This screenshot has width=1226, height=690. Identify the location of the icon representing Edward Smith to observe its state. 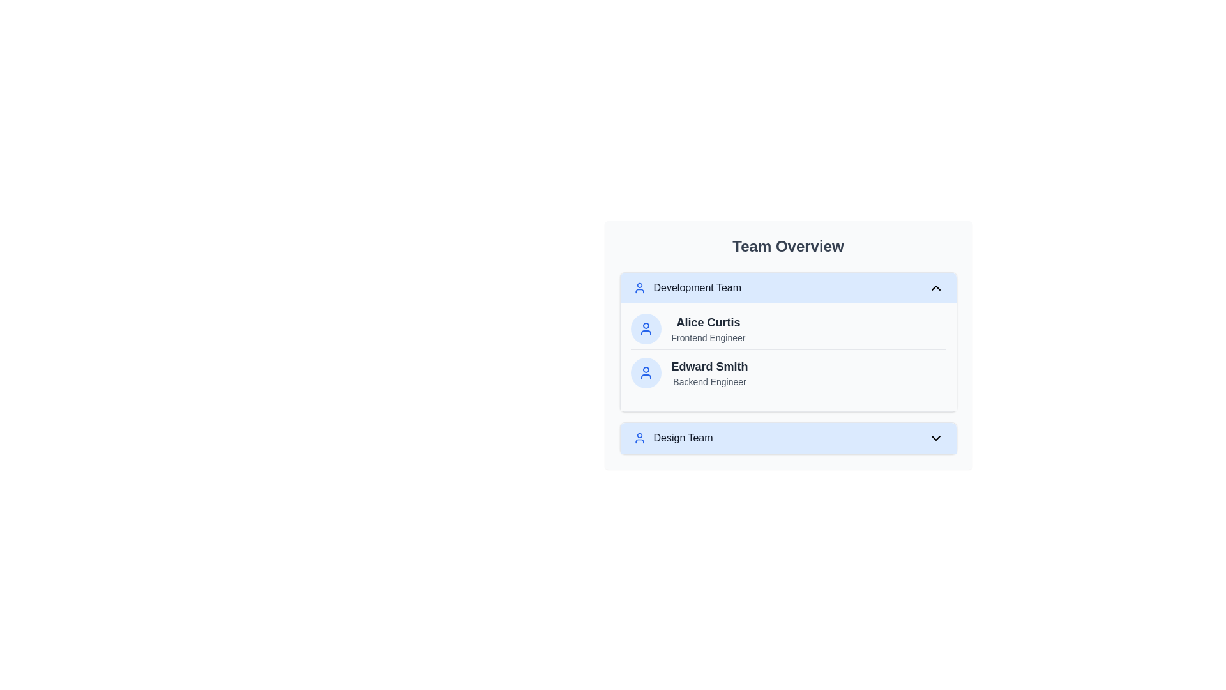
(646, 372).